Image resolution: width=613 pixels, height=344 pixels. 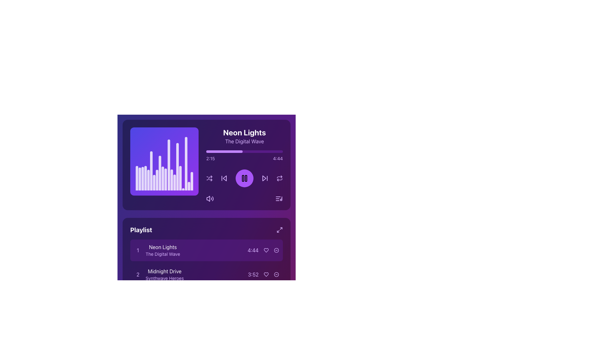 What do you see at coordinates (244, 132) in the screenshot?
I see `the 'Neon Lights' text label, which displays the title of the currently playing song in a bold and large font style, located in the upper part of the music player interface` at bounding box center [244, 132].